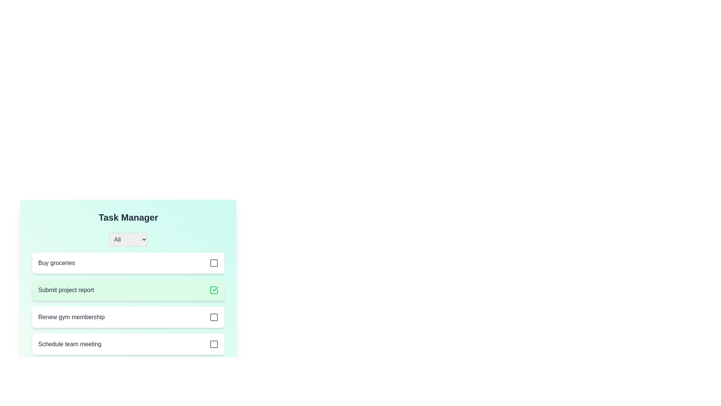  I want to click on the checkbox of the task titled 'Renew gym membership' to toggle its completion status, so click(214, 317).